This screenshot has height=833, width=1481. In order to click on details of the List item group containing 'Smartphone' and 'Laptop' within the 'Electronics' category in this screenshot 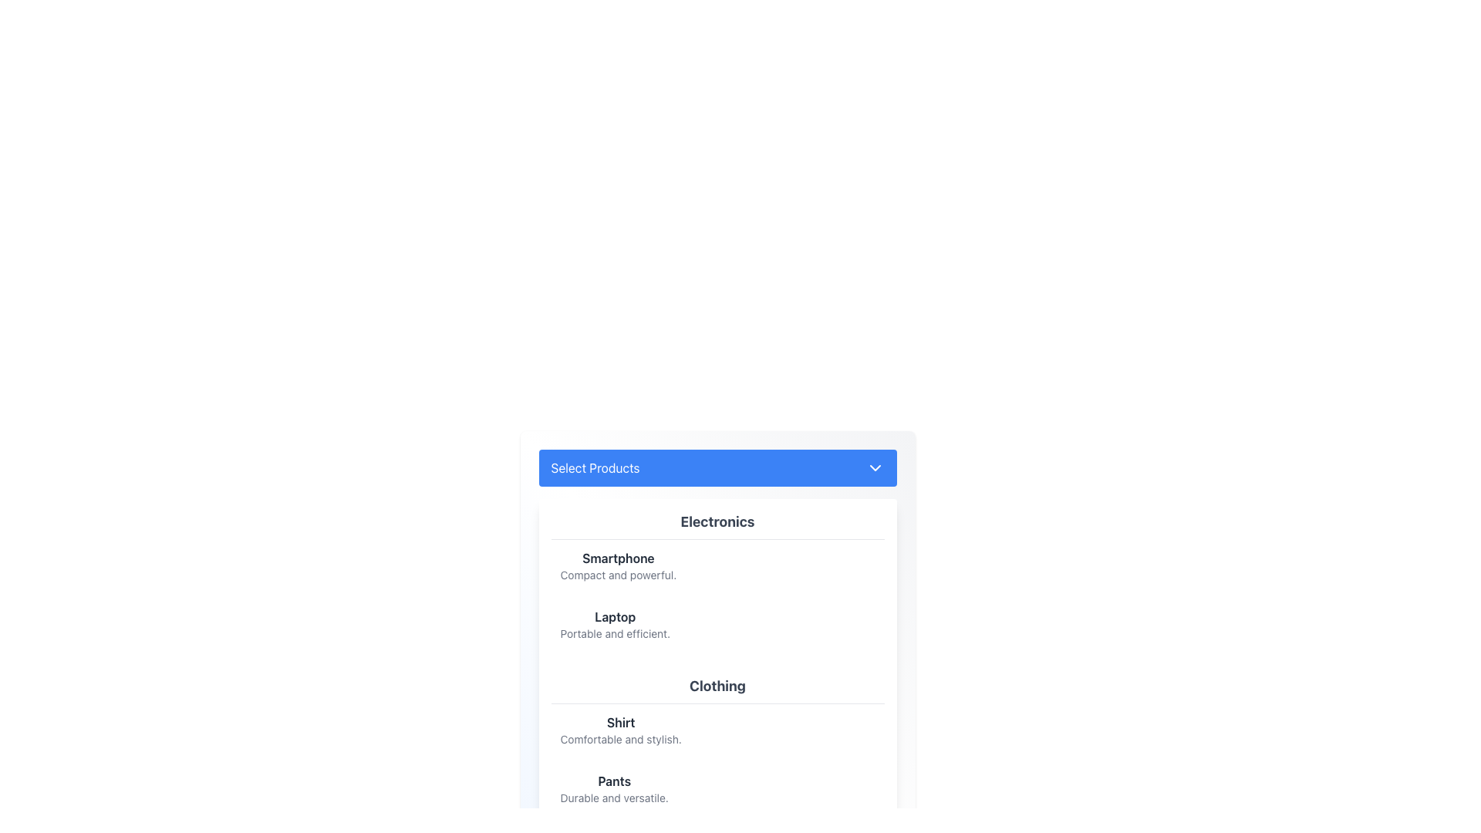, I will do `click(717, 594)`.